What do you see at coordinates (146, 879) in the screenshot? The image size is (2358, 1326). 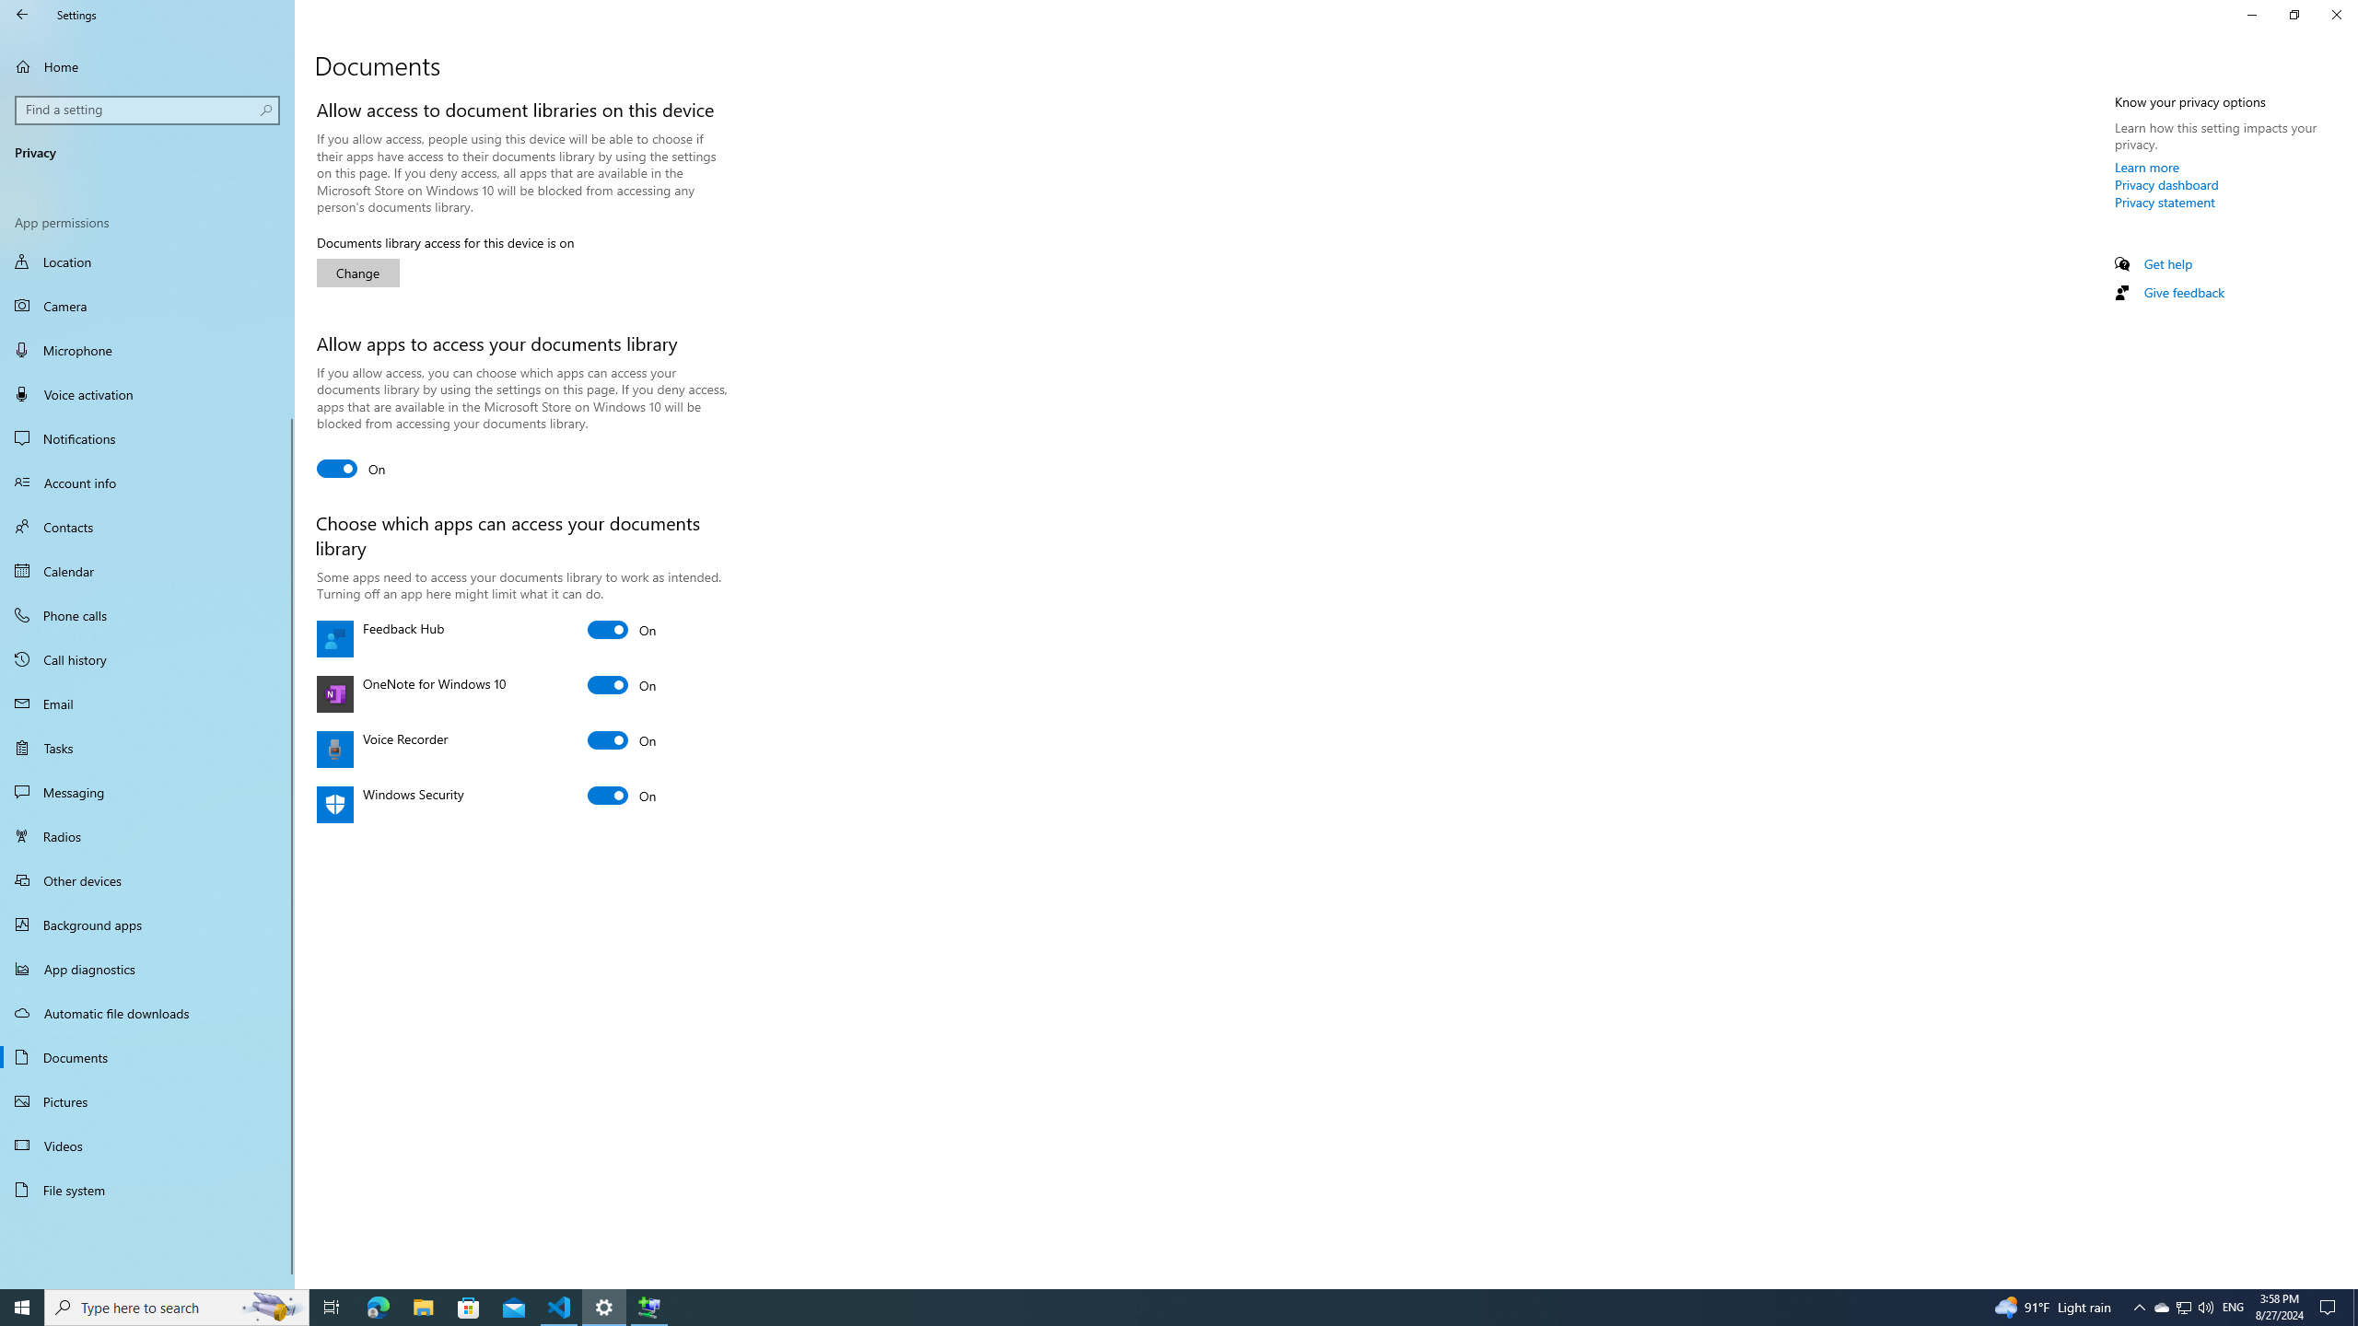 I see `'Other devices'` at bounding box center [146, 879].